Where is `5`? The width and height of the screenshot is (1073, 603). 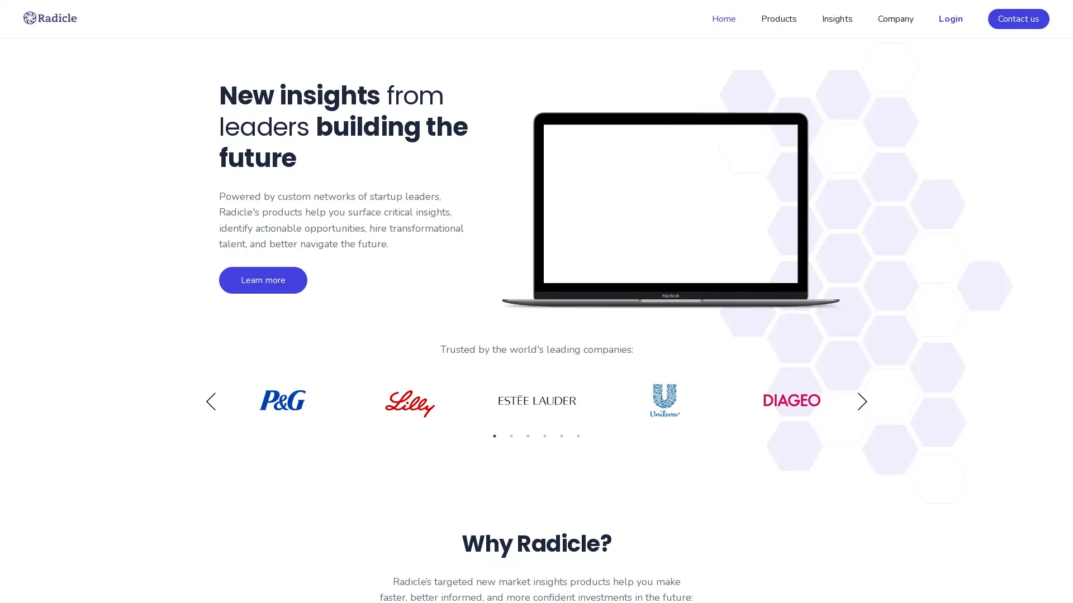
5 is located at coordinates (561, 438).